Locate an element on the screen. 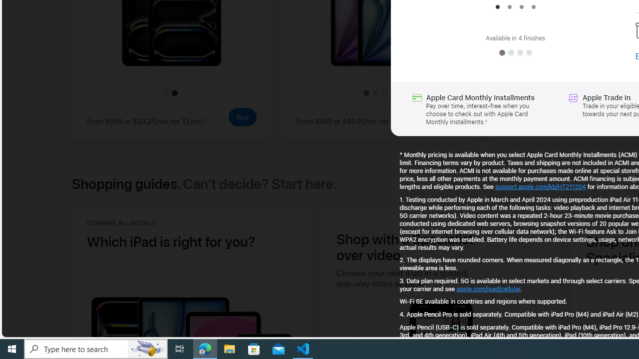 The image size is (639, 359). 'Space Gray' is located at coordinates (502, 53).